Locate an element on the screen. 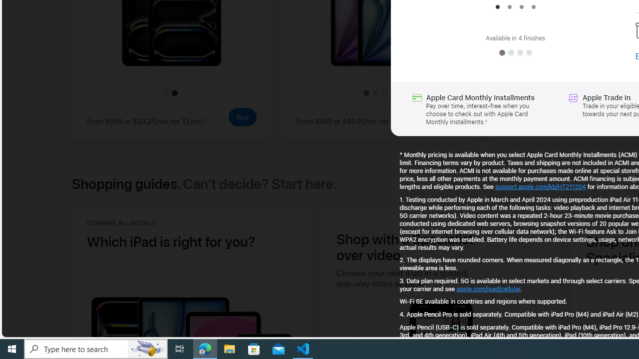 The image size is (639, 359). 'Space Gray' is located at coordinates (502, 53).